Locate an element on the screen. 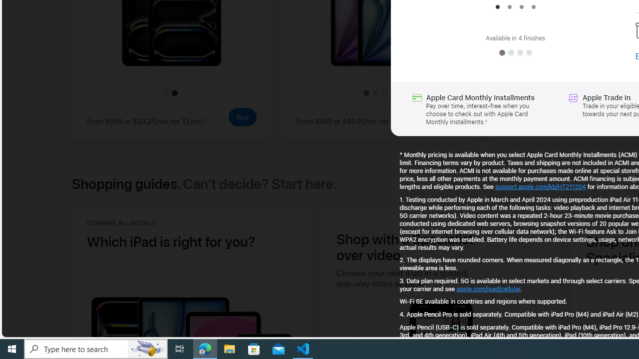 The image size is (639, 359). 'Space Gray' is located at coordinates (502, 53).